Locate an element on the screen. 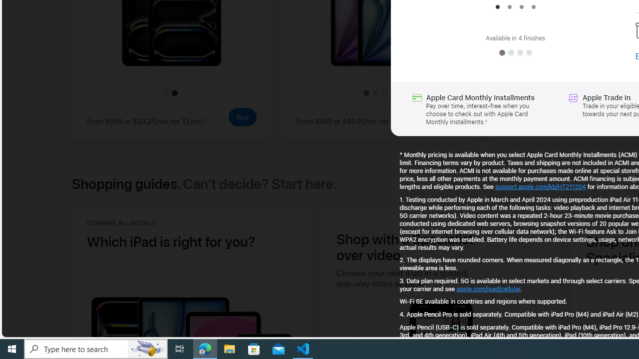 The image size is (639, 359). 'Space Gray' is located at coordinates (502, 53).